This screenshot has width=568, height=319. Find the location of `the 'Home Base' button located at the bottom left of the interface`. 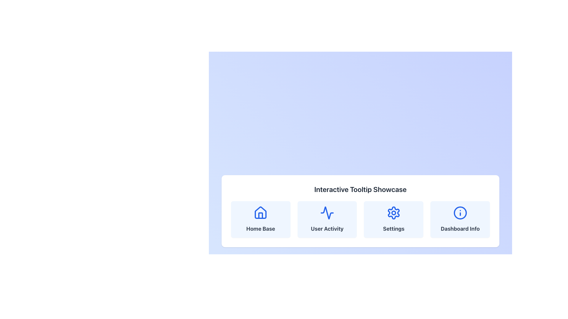

the 'Home Base' button located at the bottom left of the interface is located at coordinates (260, 219).